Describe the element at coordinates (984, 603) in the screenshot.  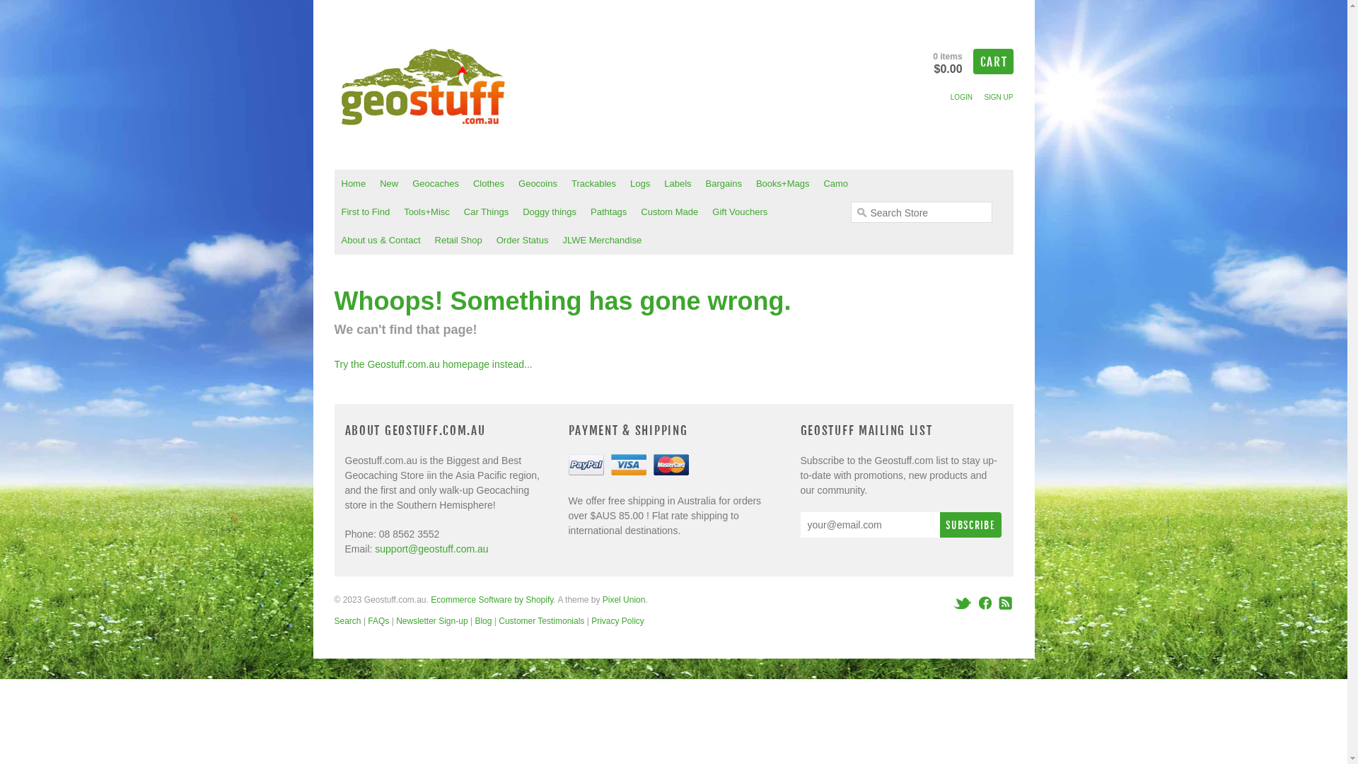
I see `'Facebook'` at that location.